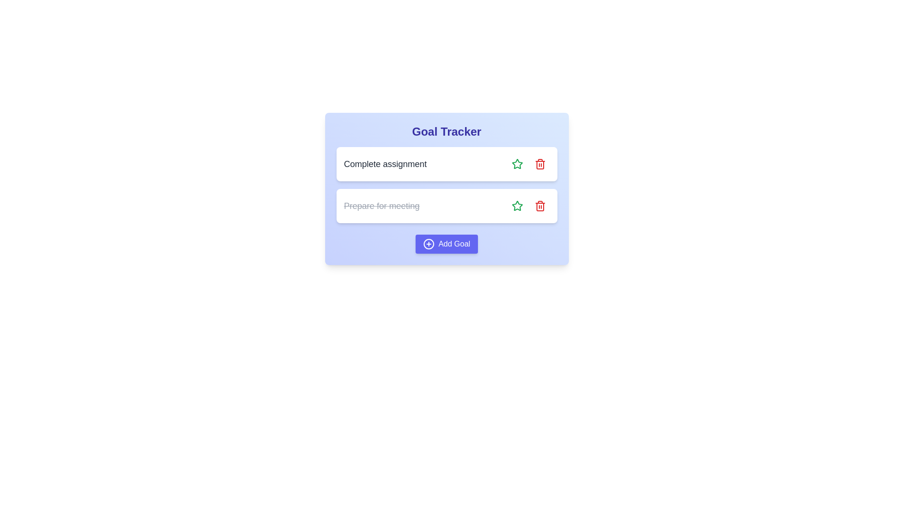  I want to click on the green star icon button located in the second task row of the 'Goal Tracker' interface, adjacent to the delete icon, so click(517, 163).